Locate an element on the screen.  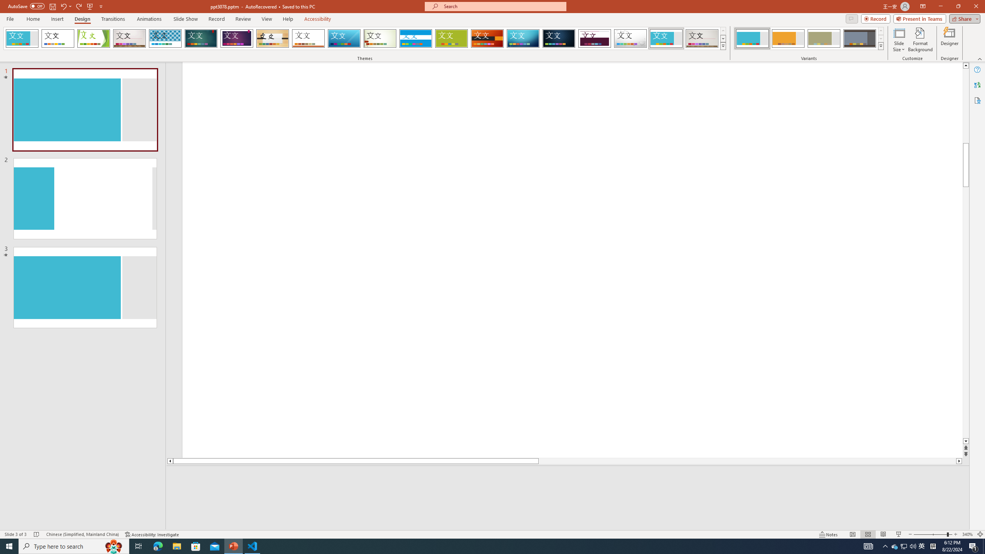
'Ion' is located at coordinates (200, 38).